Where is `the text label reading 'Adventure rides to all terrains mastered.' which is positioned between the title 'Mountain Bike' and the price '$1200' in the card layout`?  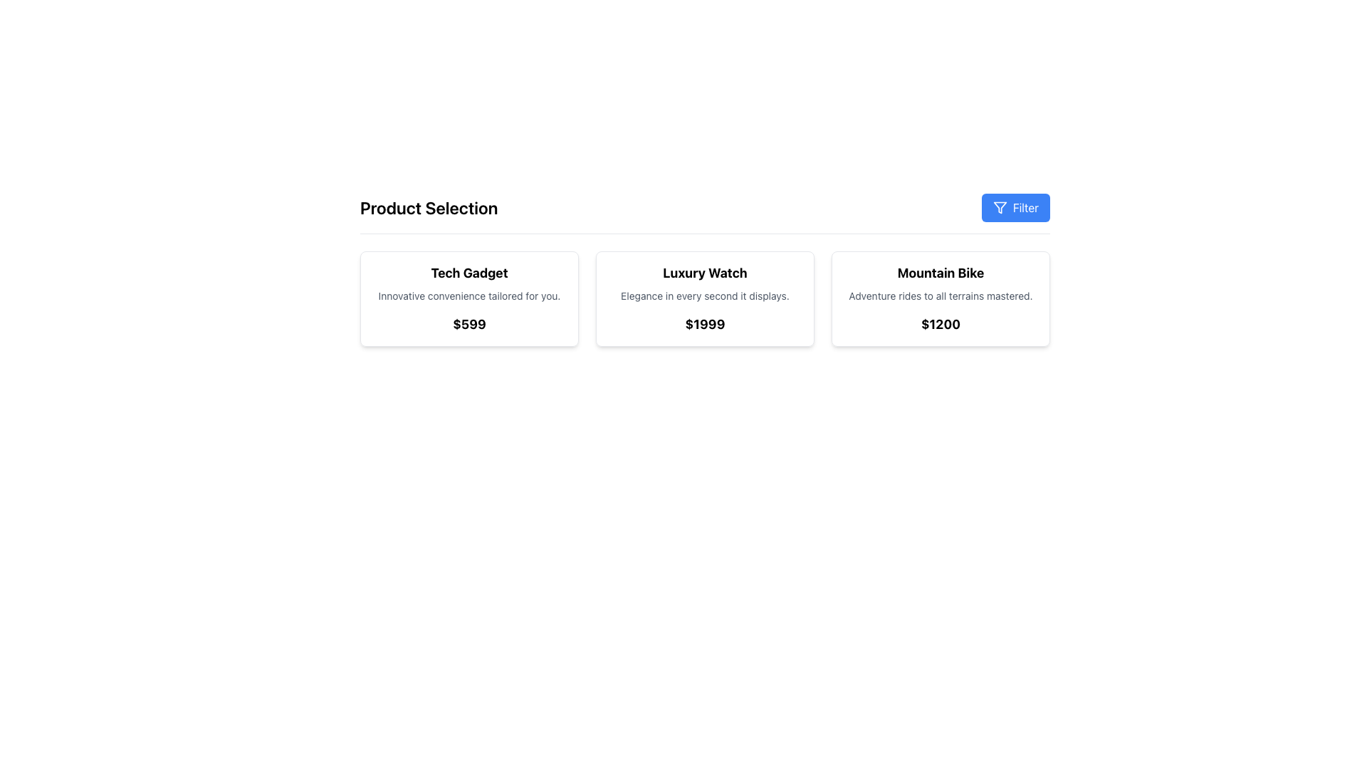
the text label reading 'Adventure rides to all terrains mastered.' which is positioned between the title 'Mountain Bike' and the price '$1200' in the card layout is located at coordinates (941, 295).